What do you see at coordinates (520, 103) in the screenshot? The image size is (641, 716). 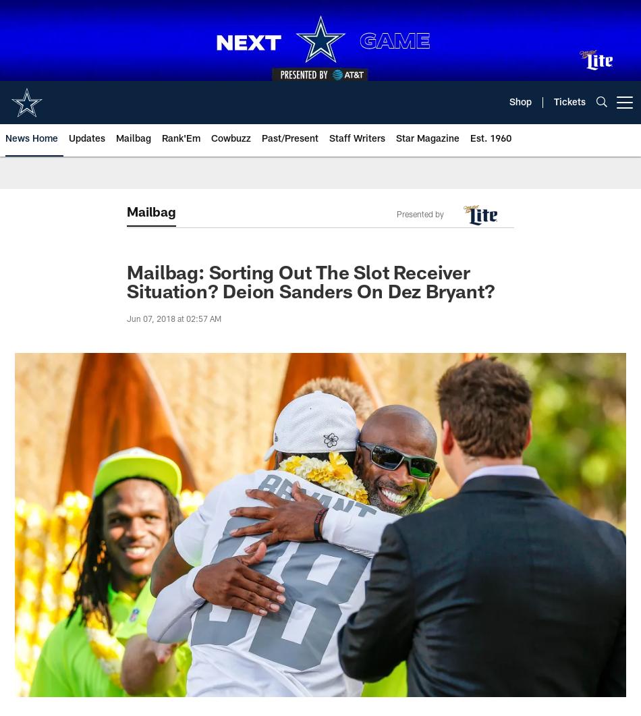 I see `'Shop'` at bounding box center [520, 103].